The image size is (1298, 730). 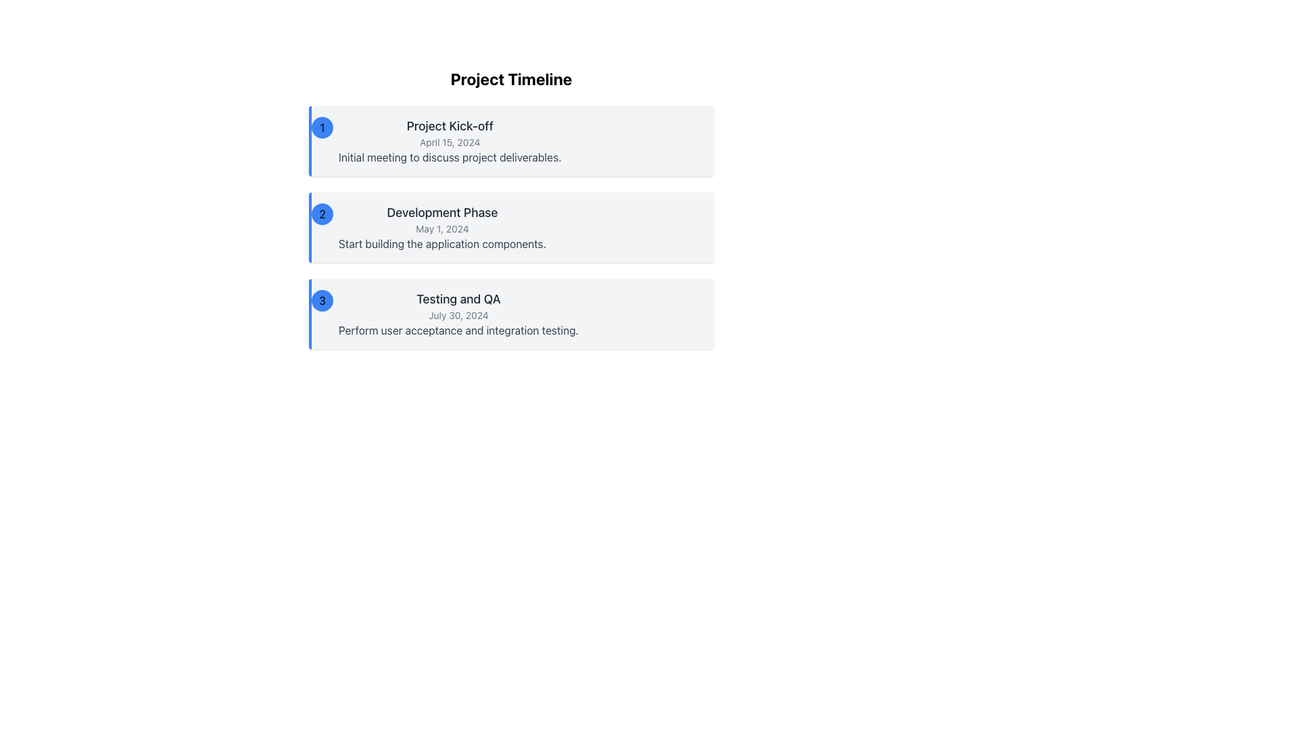 I want to click on the timeline entry by clicking on the Badge that visually marks the first phase of the project timeline, located at the far left of the entry for 'Project Kick-off', so click(x=321, y=128).